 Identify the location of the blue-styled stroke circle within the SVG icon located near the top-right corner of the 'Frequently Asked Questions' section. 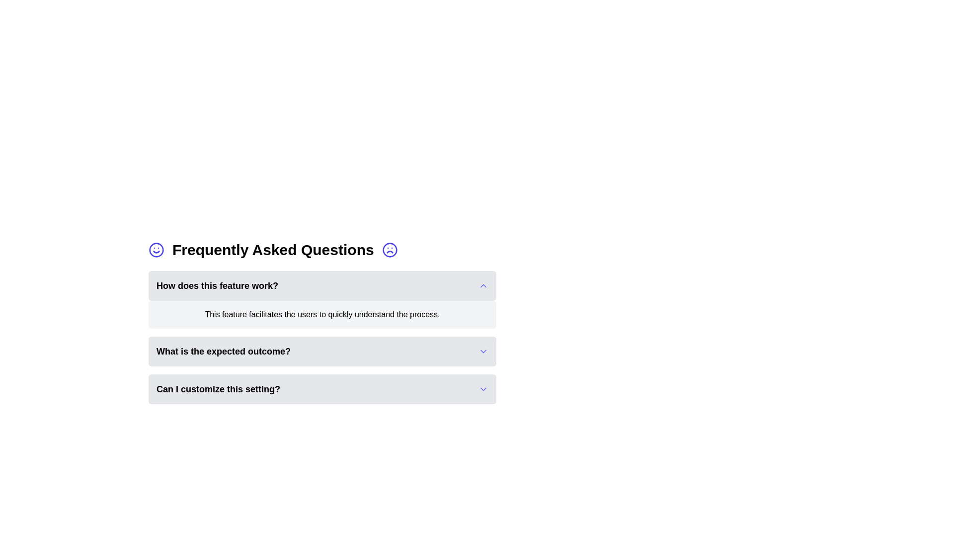
(389, 249).